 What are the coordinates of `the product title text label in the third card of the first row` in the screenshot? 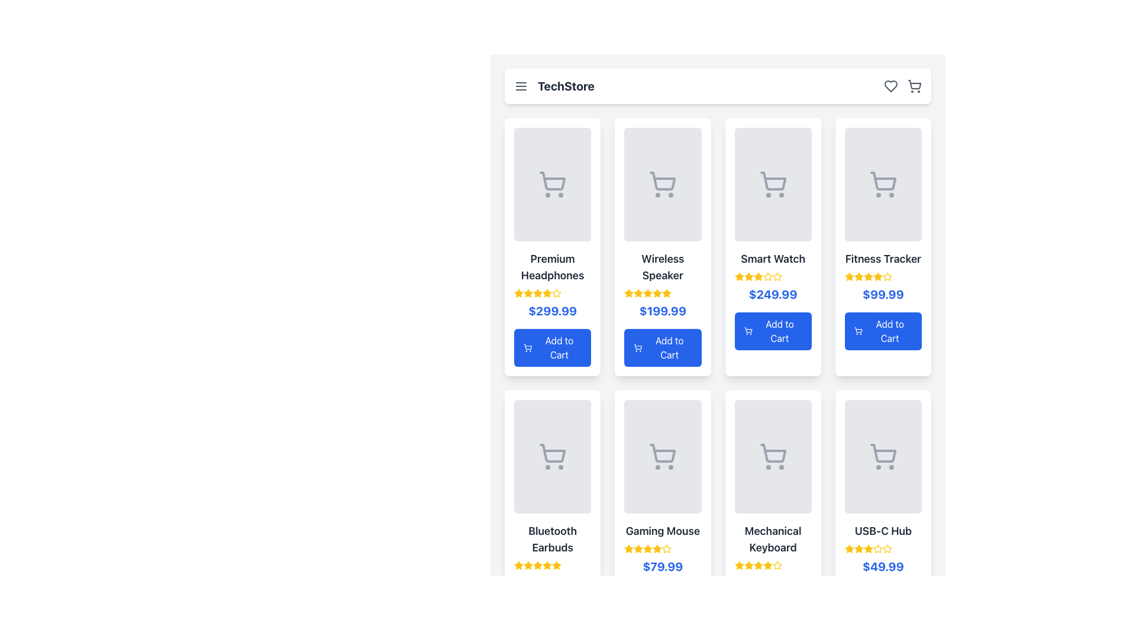 It's located at (773, 259).